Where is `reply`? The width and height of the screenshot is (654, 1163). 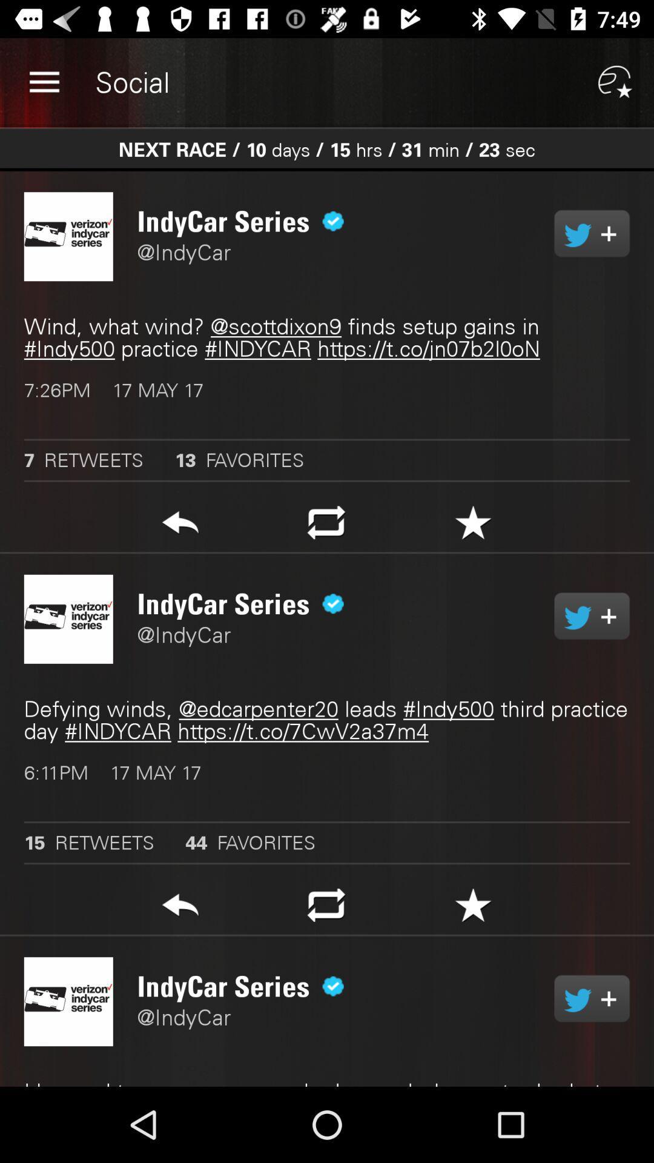
reply is located at coordinates (180, 909).